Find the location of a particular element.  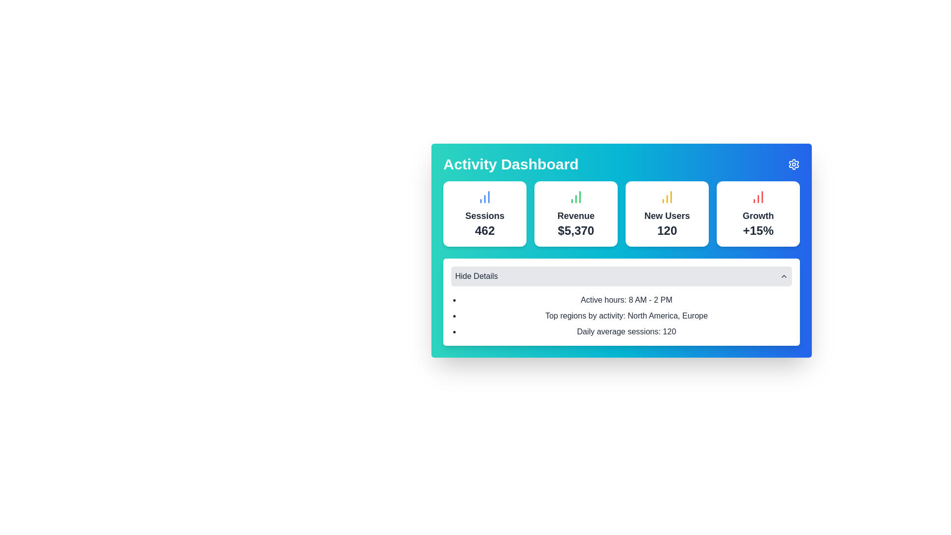

the text label reading 'New Users', which is styled in bold and positioned above the numeric value '120' in the third panel of a four-panel layout is located at coordinates (667, 215).